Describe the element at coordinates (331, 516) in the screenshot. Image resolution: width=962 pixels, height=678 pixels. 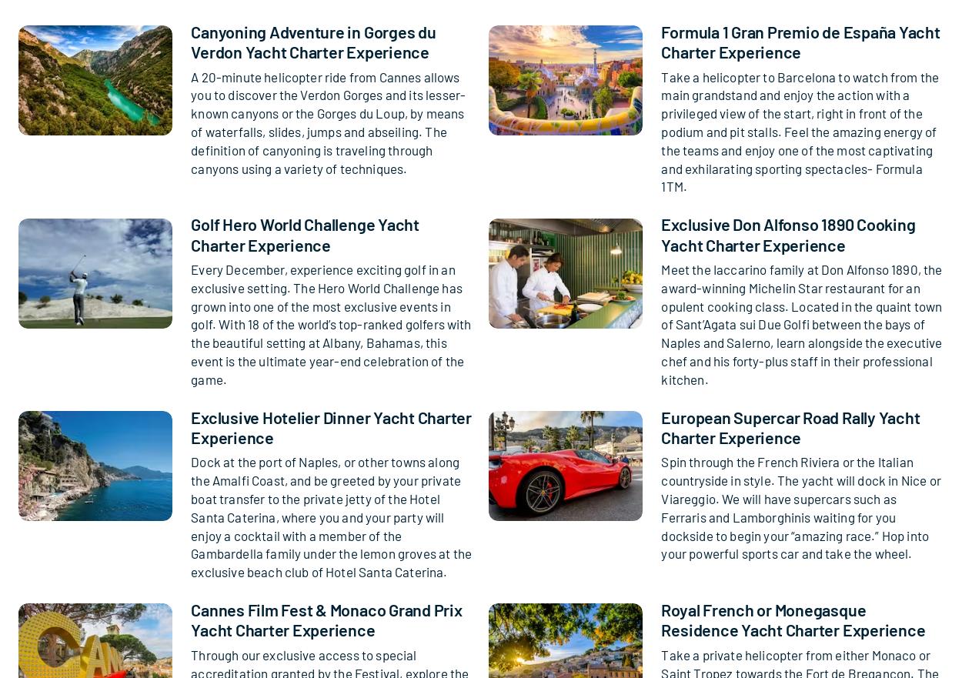
I see `'Dock at the port of Naples, or other towns along the Amalfi Coast, and be greeted by your private boat transfer to the private jetty of the Hotel Santa Caterina, where you and your party will enjoy a cocktail with a member of the Gambardella family under the lemon groves at the exclusive beach club of Hotel Santa Caterina.'` at that location.